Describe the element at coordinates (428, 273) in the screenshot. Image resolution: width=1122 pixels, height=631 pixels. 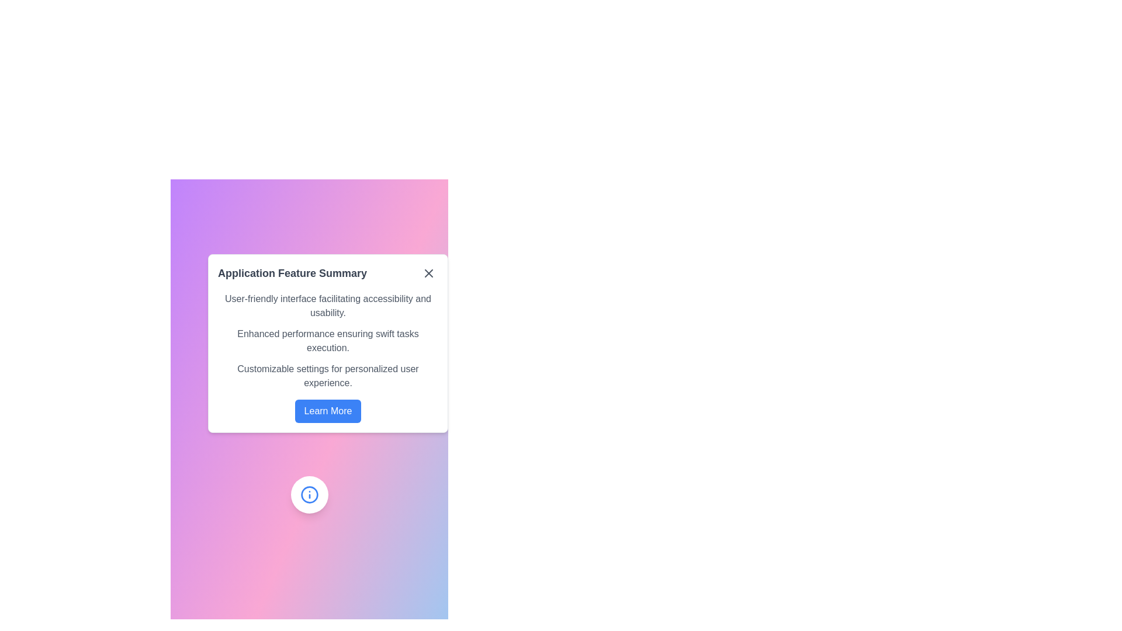
I see `the close icon located in the top-right corner of the card` at that location.